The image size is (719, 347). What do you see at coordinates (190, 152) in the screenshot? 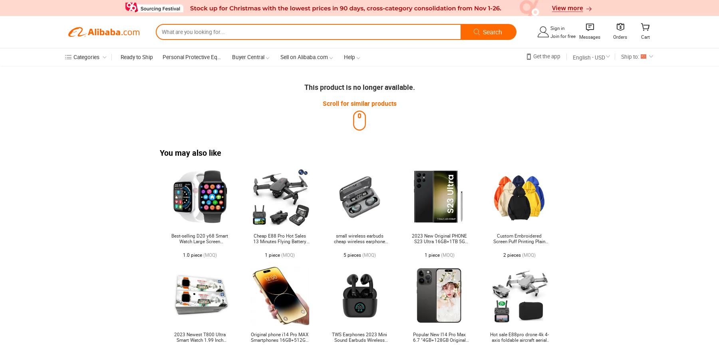
I see `'You may also like'` at bounding box center [190, 152].